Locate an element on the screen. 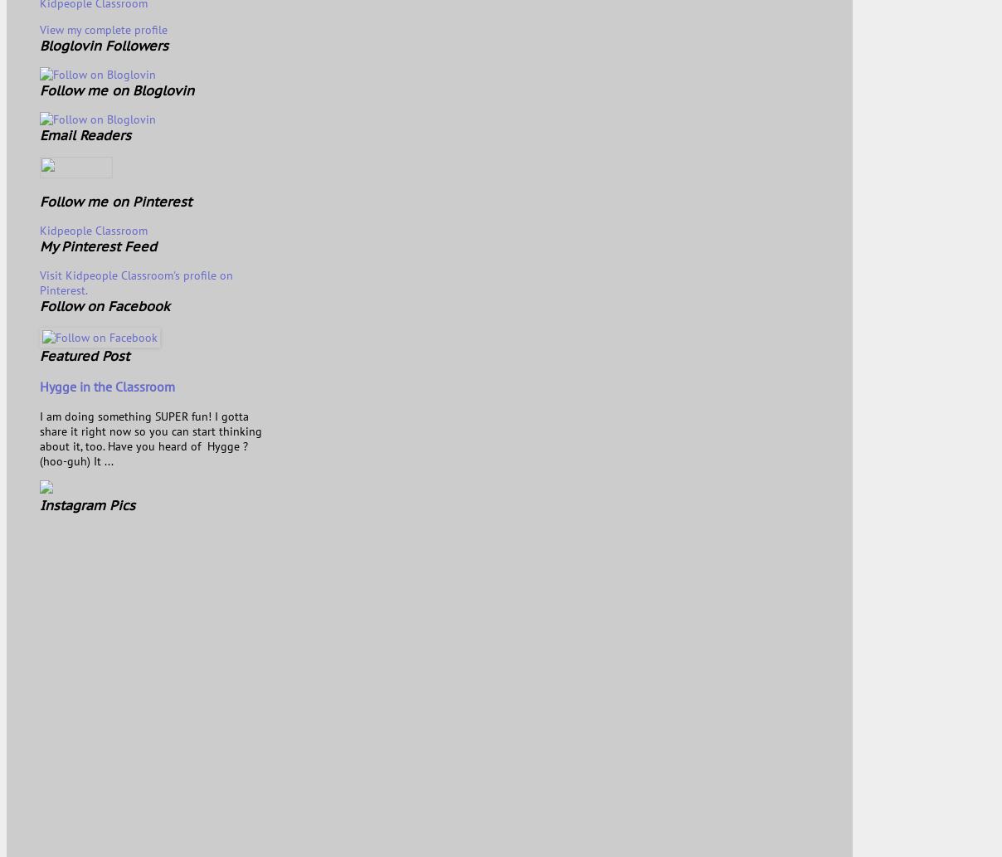 This screenshot has width=1002, height=857. 'Follow on Facebook' is located at coordinates (104, 304).